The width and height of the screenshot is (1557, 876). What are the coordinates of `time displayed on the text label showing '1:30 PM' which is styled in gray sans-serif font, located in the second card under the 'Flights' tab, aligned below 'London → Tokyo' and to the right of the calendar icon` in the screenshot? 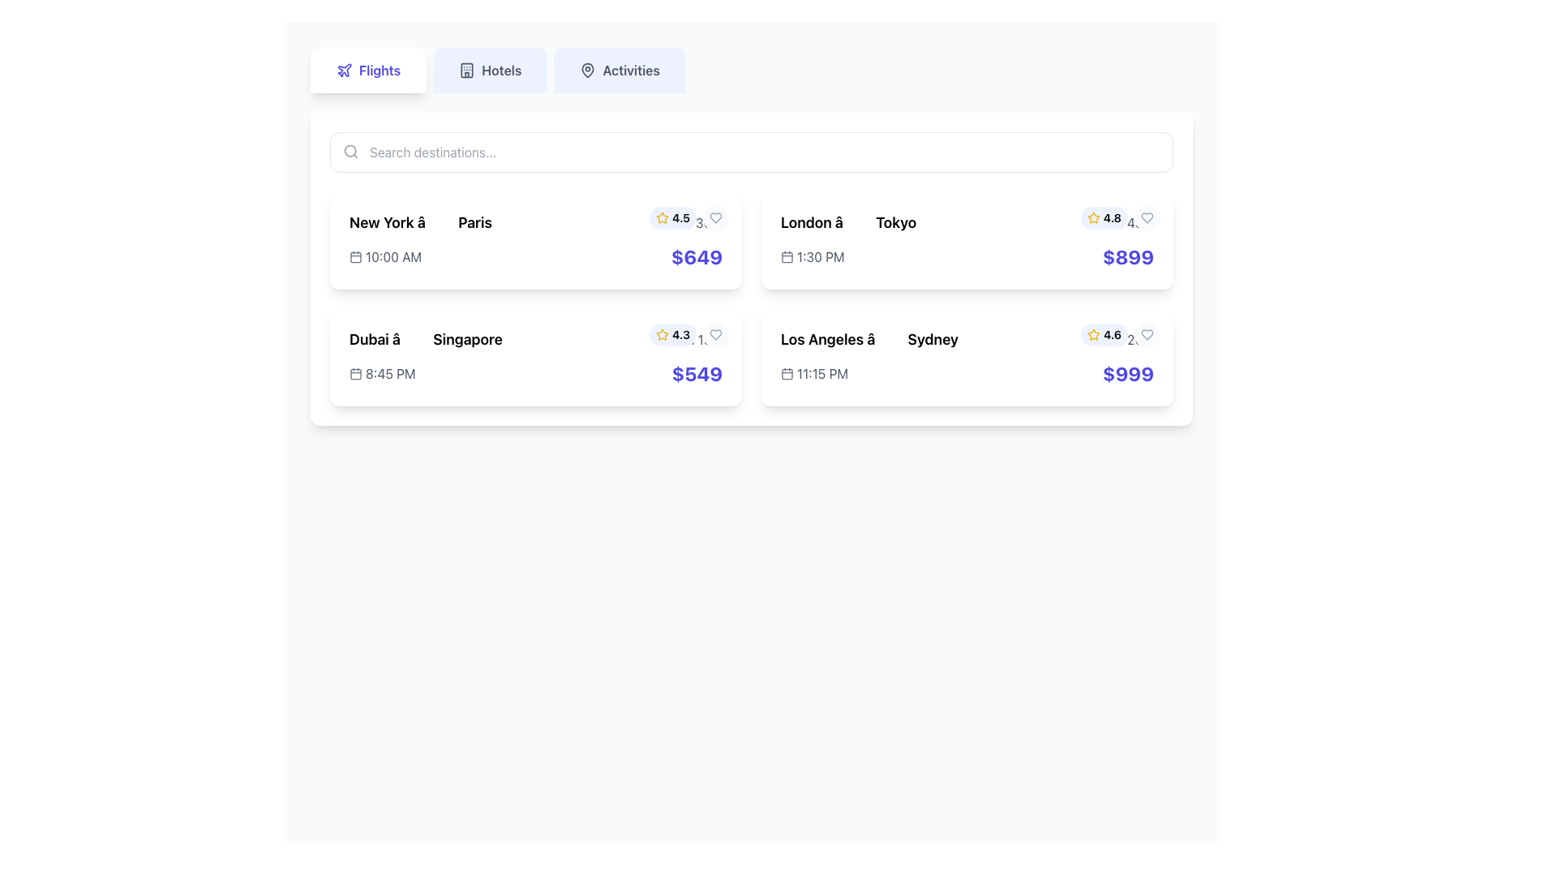 It's located at (821, 255).